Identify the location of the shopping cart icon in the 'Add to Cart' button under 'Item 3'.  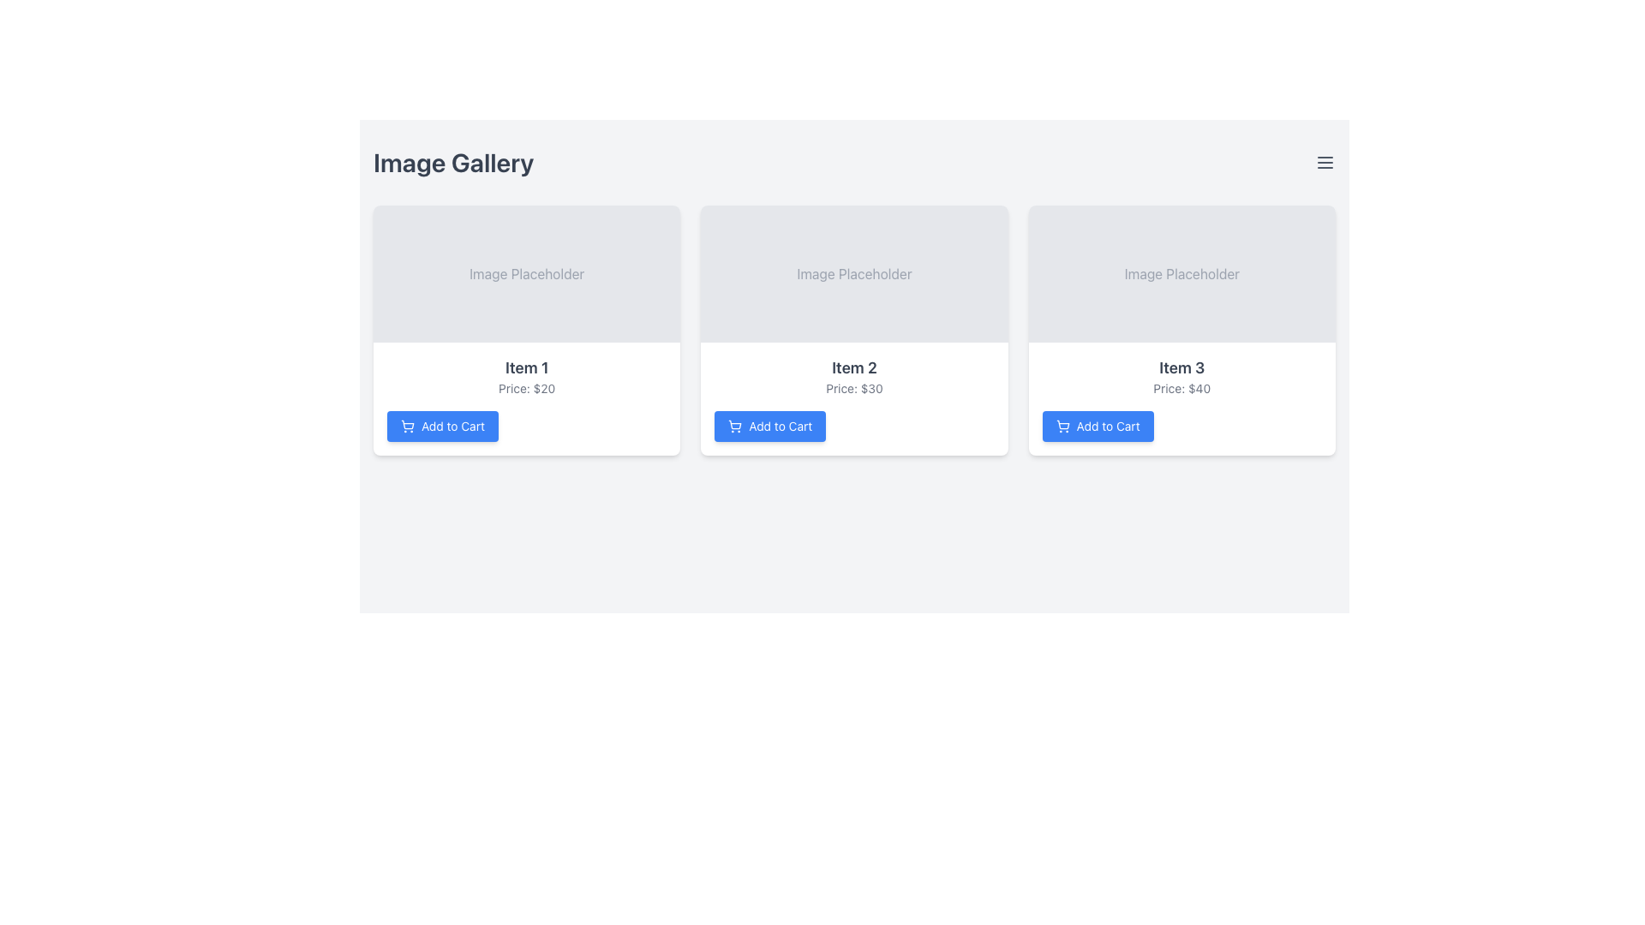
(1062, 425).